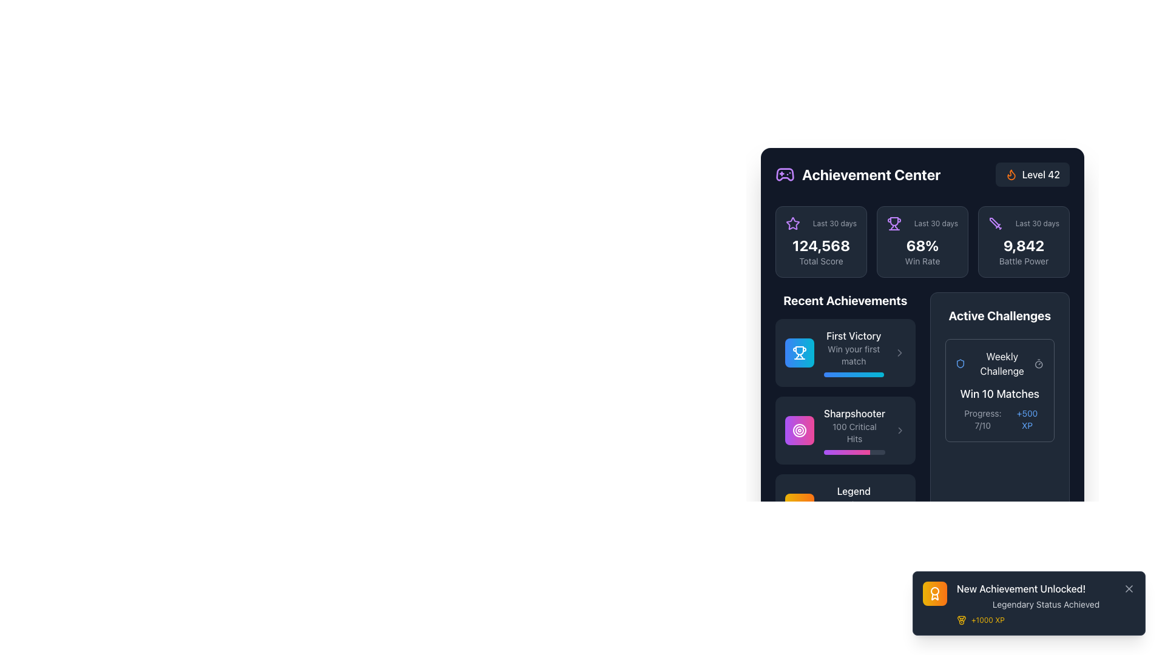 The image size is (1165, 655). What do you see at coordinates (821, 224) in the screenshot?
I see `the decorative label with a purple star icon and the text 'Last 30 days', located in the top-left corner of the statistical metric card` at bounding box center [821, 224].